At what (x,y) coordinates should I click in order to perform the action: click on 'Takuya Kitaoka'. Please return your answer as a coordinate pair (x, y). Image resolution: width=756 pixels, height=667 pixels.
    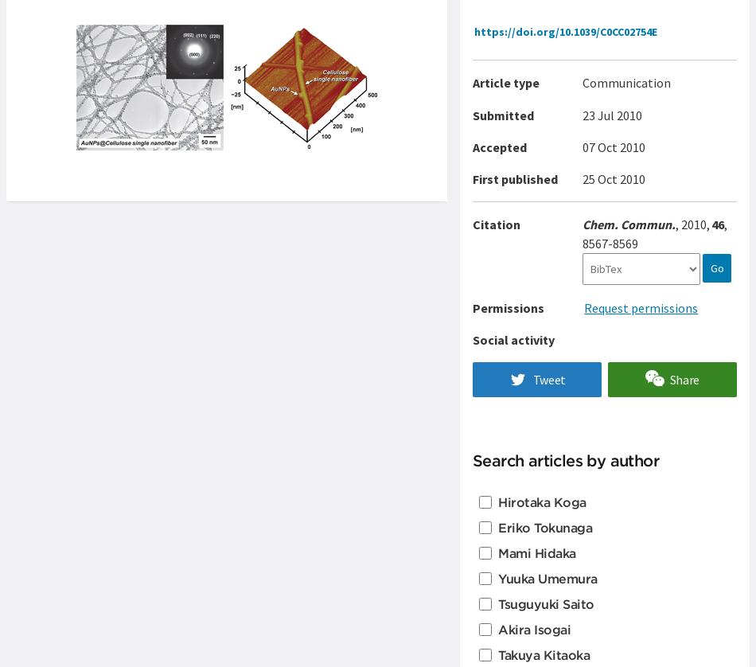
    Looking at the image, I should click on (544, 653).